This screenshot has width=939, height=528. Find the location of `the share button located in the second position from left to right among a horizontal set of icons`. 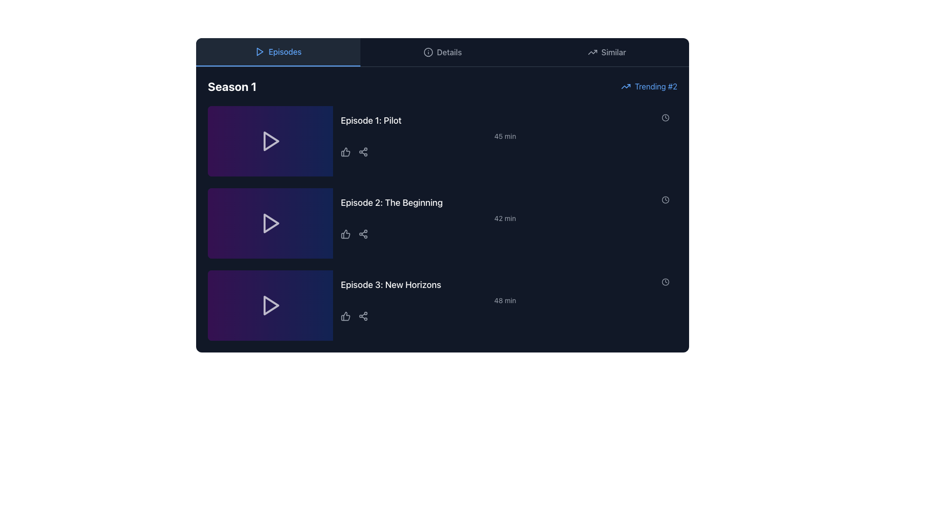

the share button located in the second position from left to right among a horizontal set of icons is located at coordinates (363, 316).